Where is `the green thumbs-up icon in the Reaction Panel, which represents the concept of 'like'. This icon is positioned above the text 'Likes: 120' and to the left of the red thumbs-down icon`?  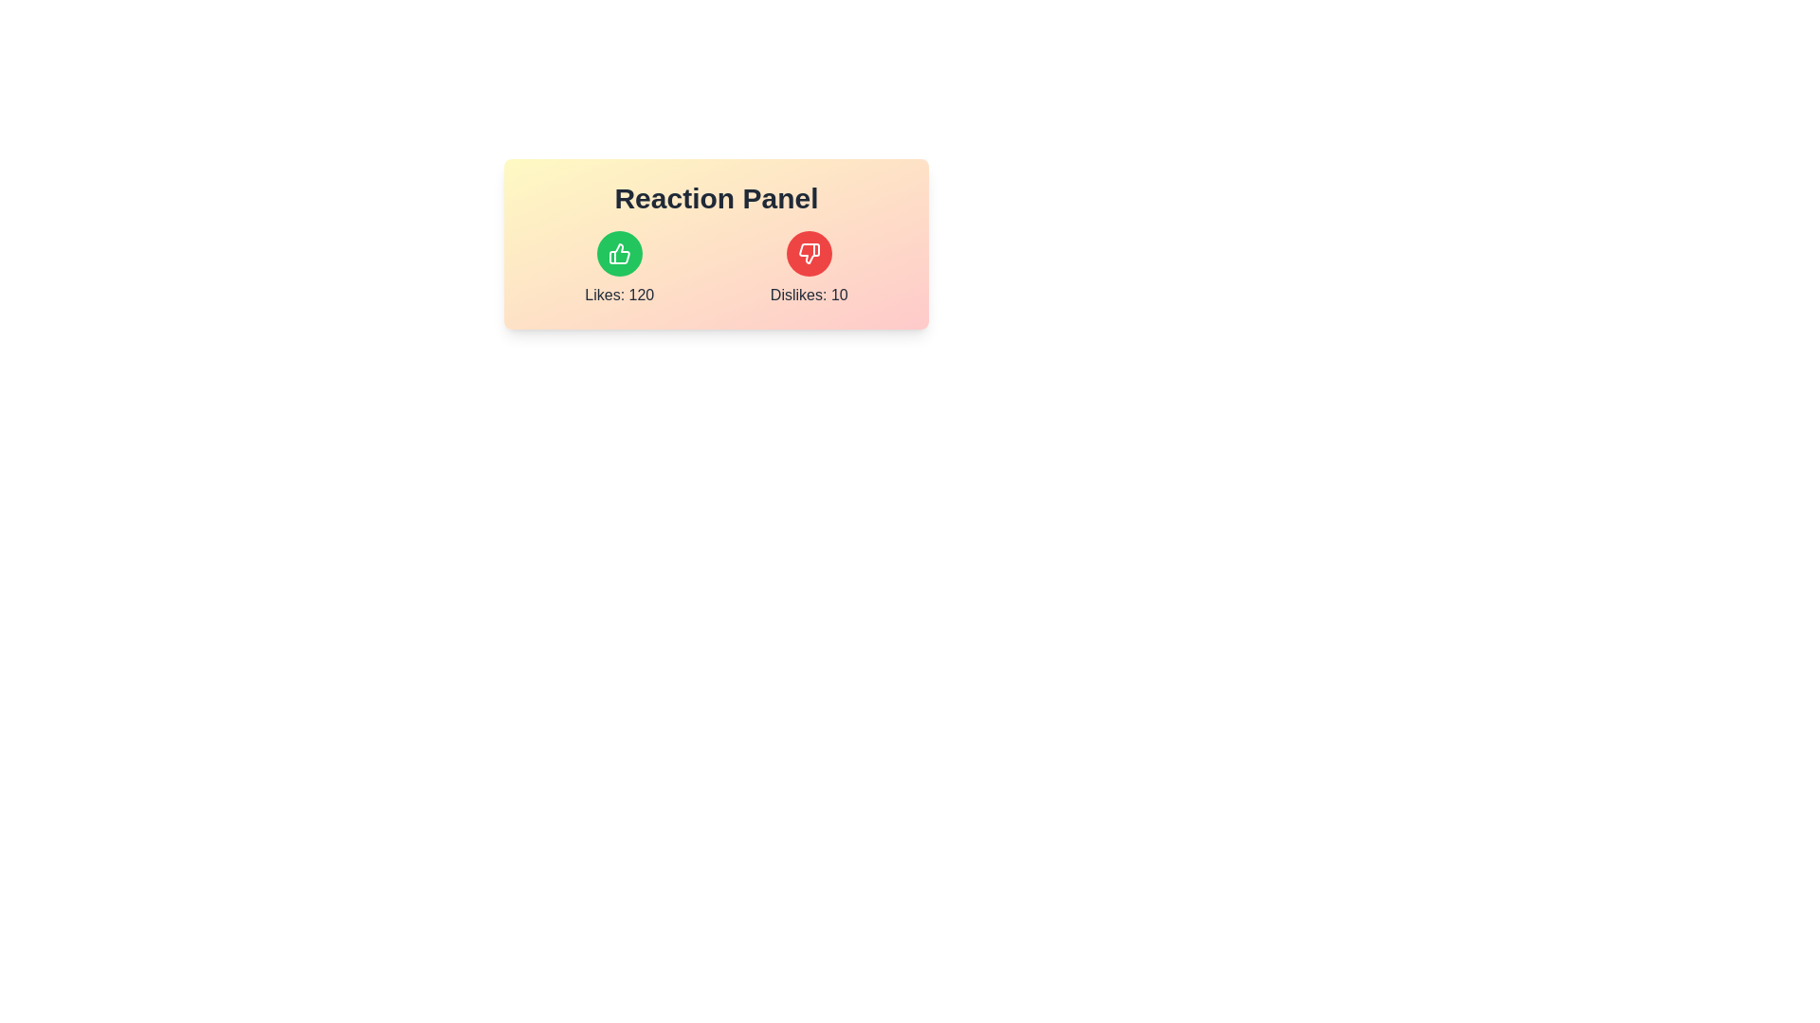
the green thumbs-up icon in the Reaction Panel, which represents the concept of 'like'. This icon is positioned above the text 'Likes: 120' and to the left of the red thumbs-down icon is located at coordinates (619, 252).